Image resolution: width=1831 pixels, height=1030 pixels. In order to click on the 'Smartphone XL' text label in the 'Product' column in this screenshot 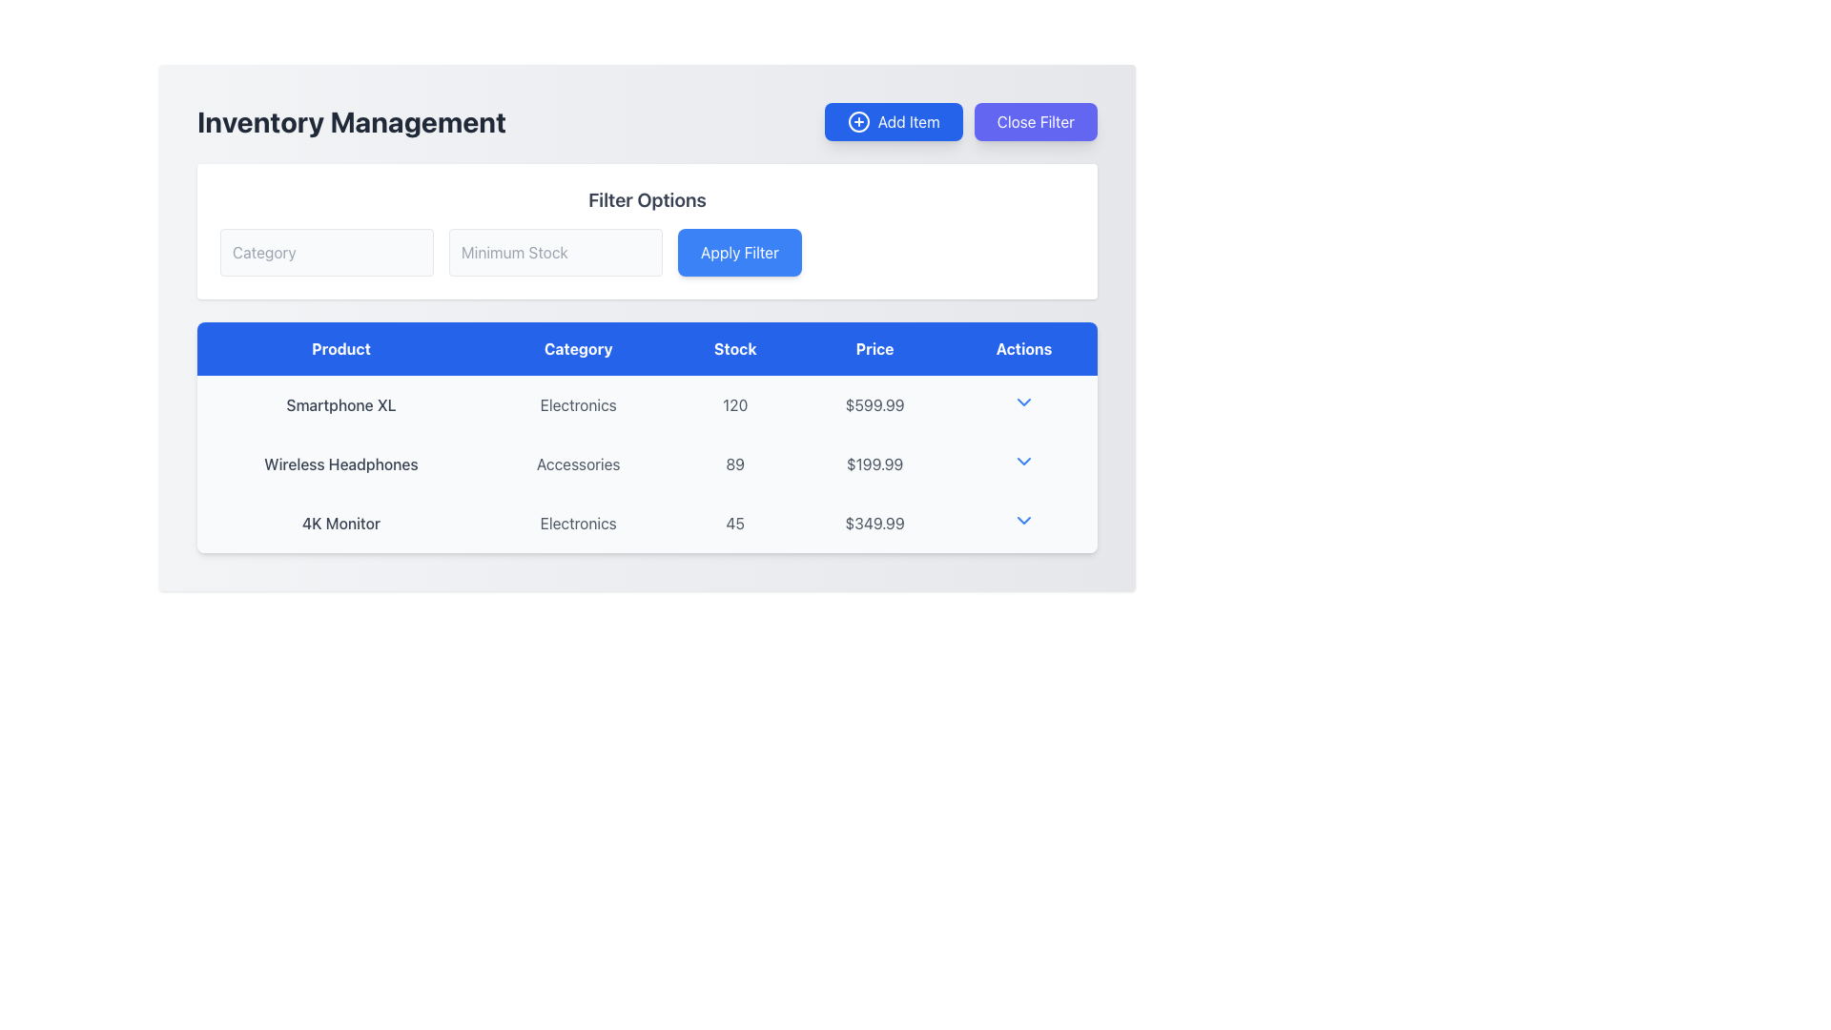, I will do `click(341, 403)`.